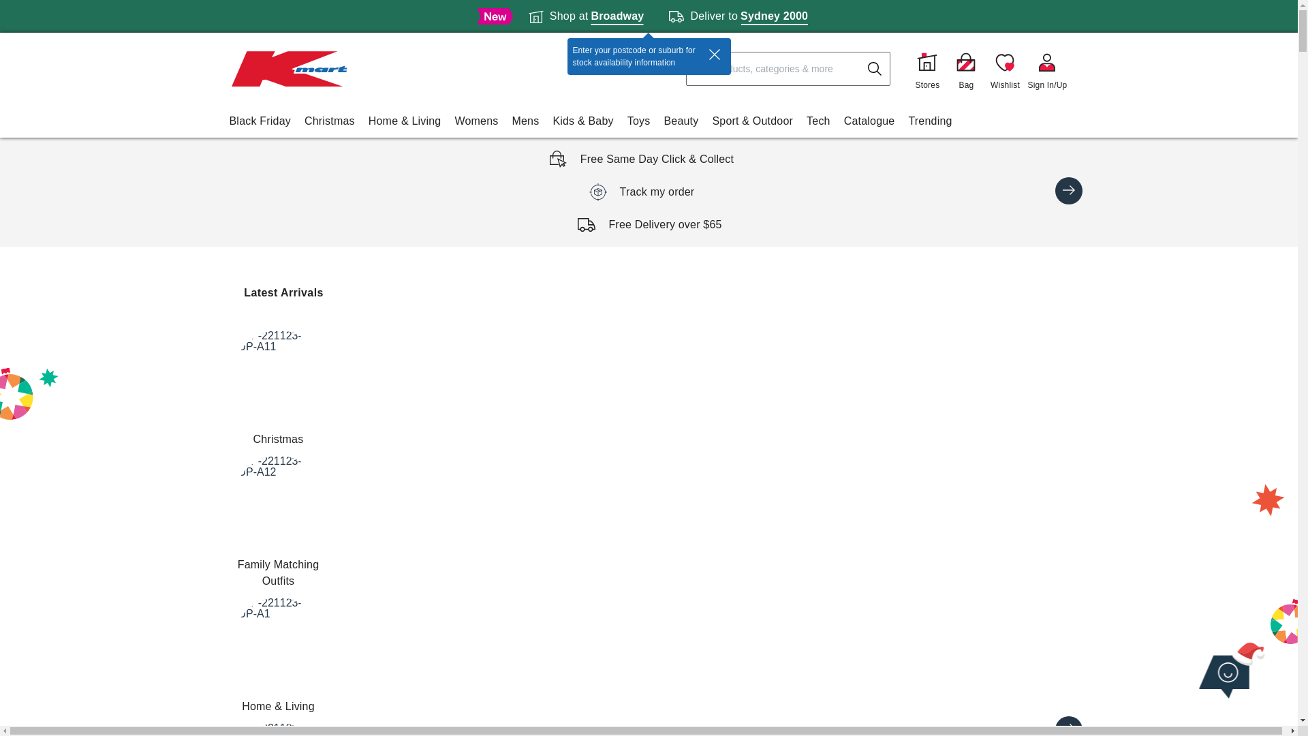  Describe the element at coordinates (817, 120) in the screenshot. I see `'Tech'` at that location.